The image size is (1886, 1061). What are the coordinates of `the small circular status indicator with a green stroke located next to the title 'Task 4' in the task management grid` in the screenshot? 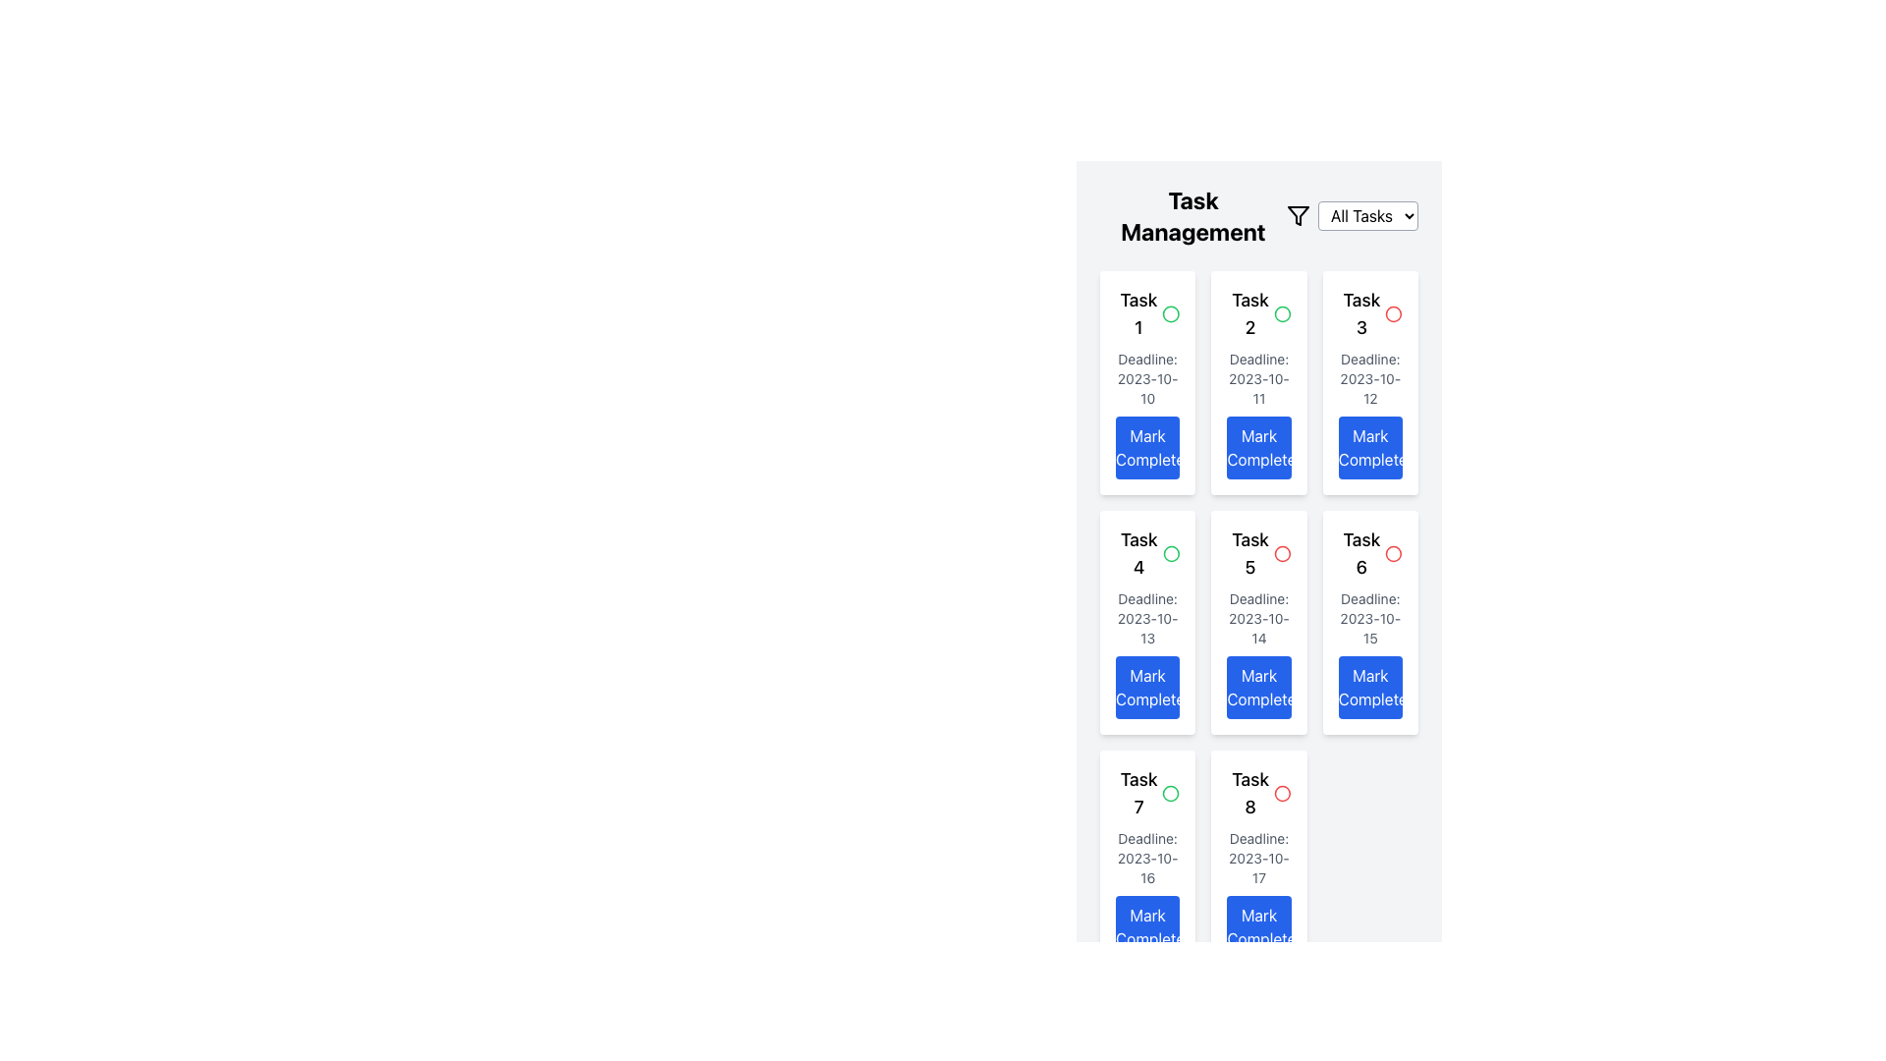 It's located at (1171, 553).